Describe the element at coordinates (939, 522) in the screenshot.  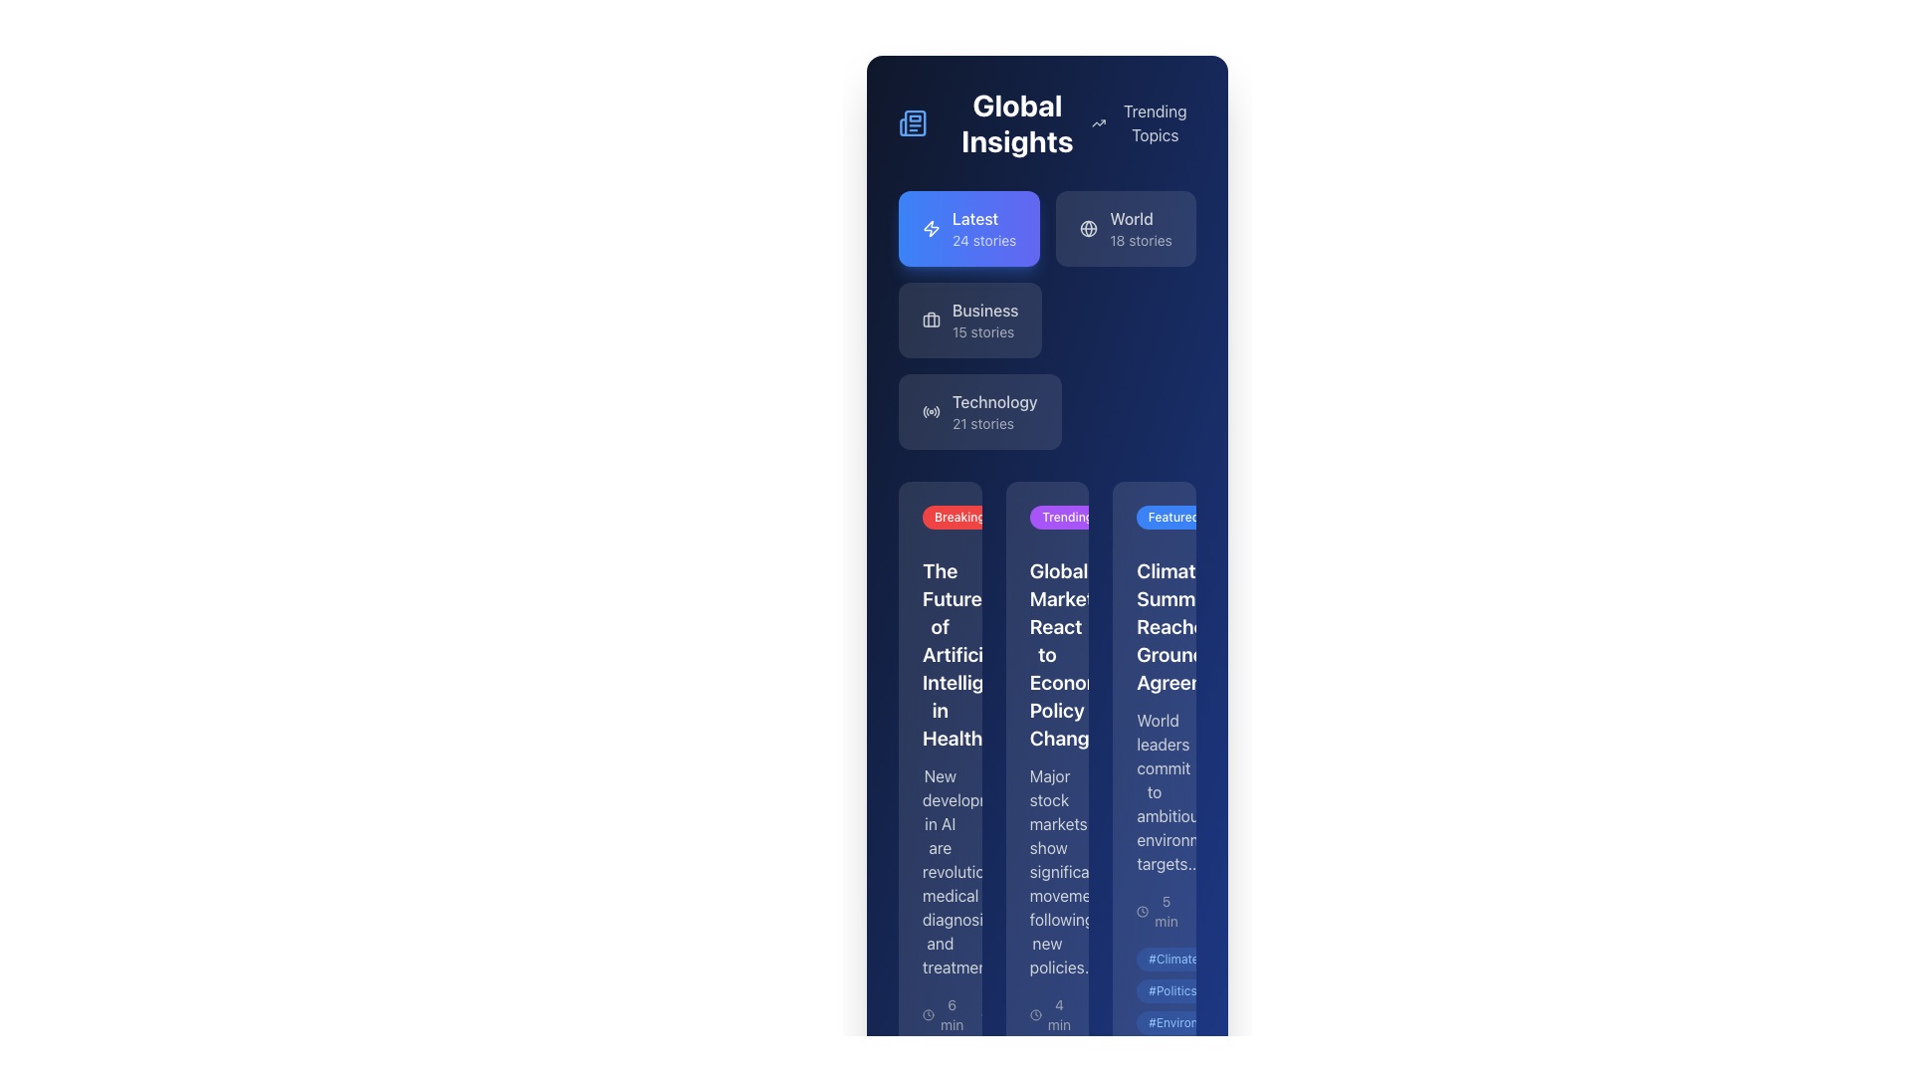
I see `the breaking news label located at the top-left corner of the vertical card layout, which highlights the importance of the associated content` at that location.